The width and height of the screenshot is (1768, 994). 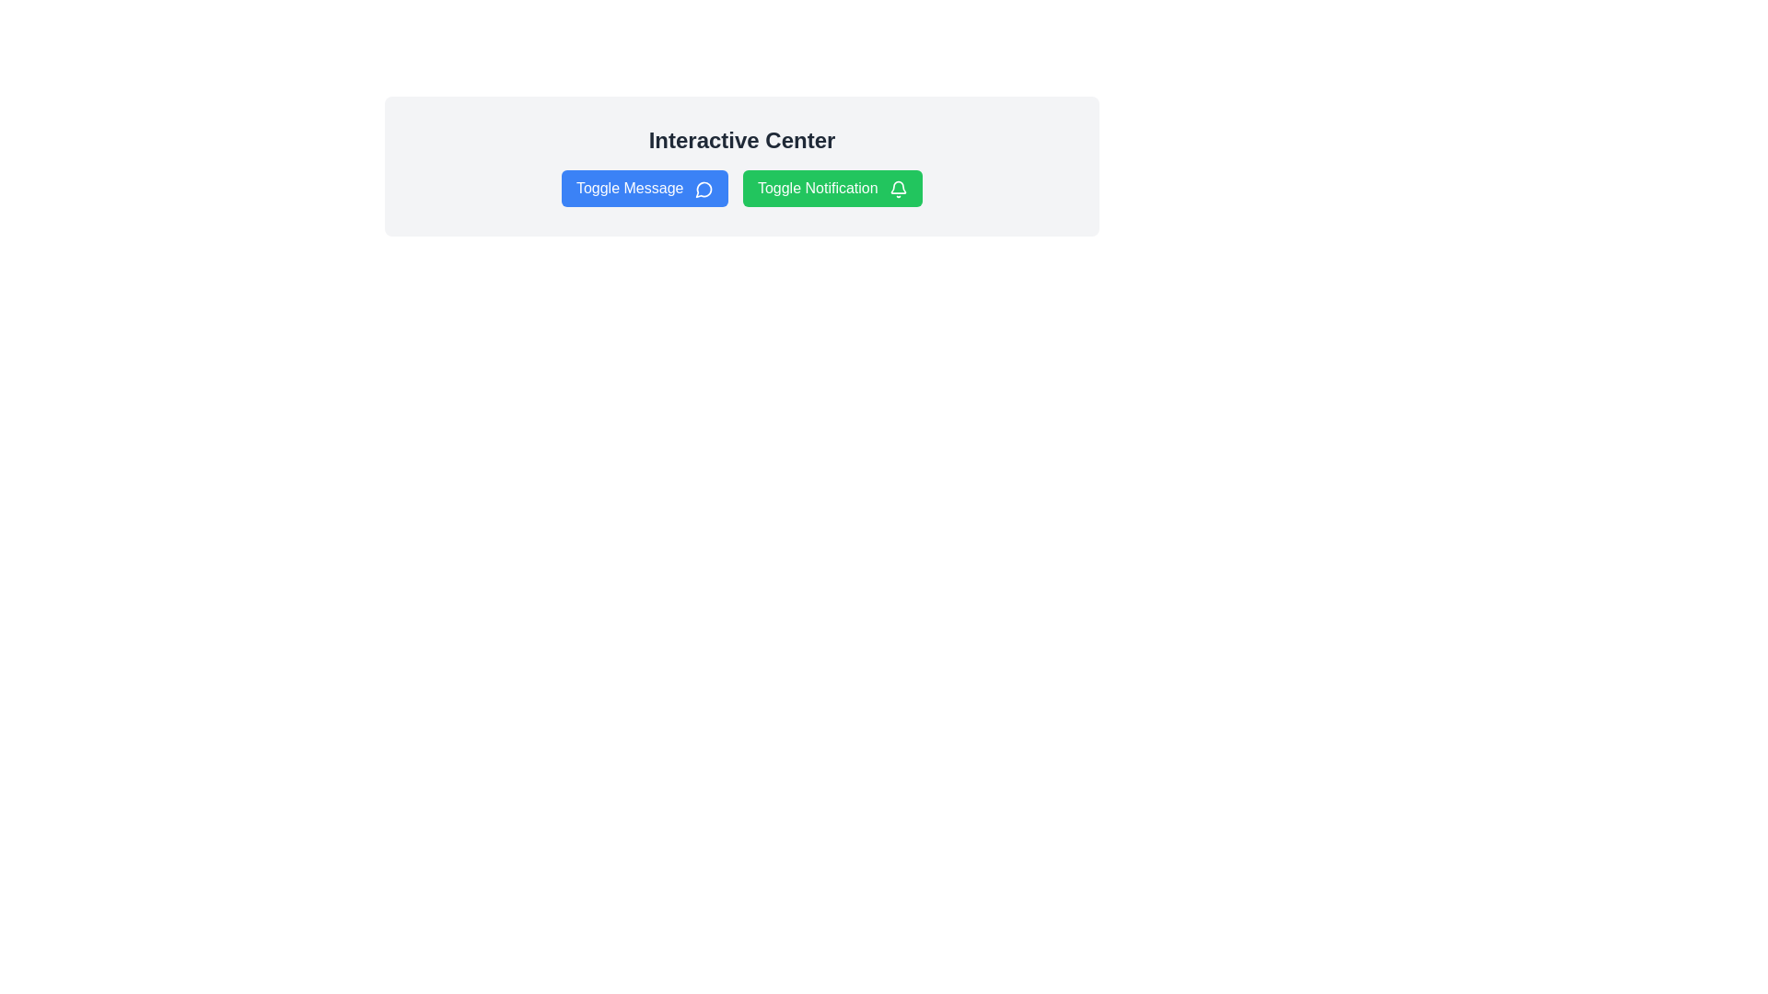 What do you see at coordinates (703, 190) in the screenshot?
I see `the visual representation of the circular blue speech bubble icon with a white interior and a rounded tail, located within the 'Toggle Message' button on the left side of the horizontal button set under 'Interactive Center'` at bounding box center [703, 190].